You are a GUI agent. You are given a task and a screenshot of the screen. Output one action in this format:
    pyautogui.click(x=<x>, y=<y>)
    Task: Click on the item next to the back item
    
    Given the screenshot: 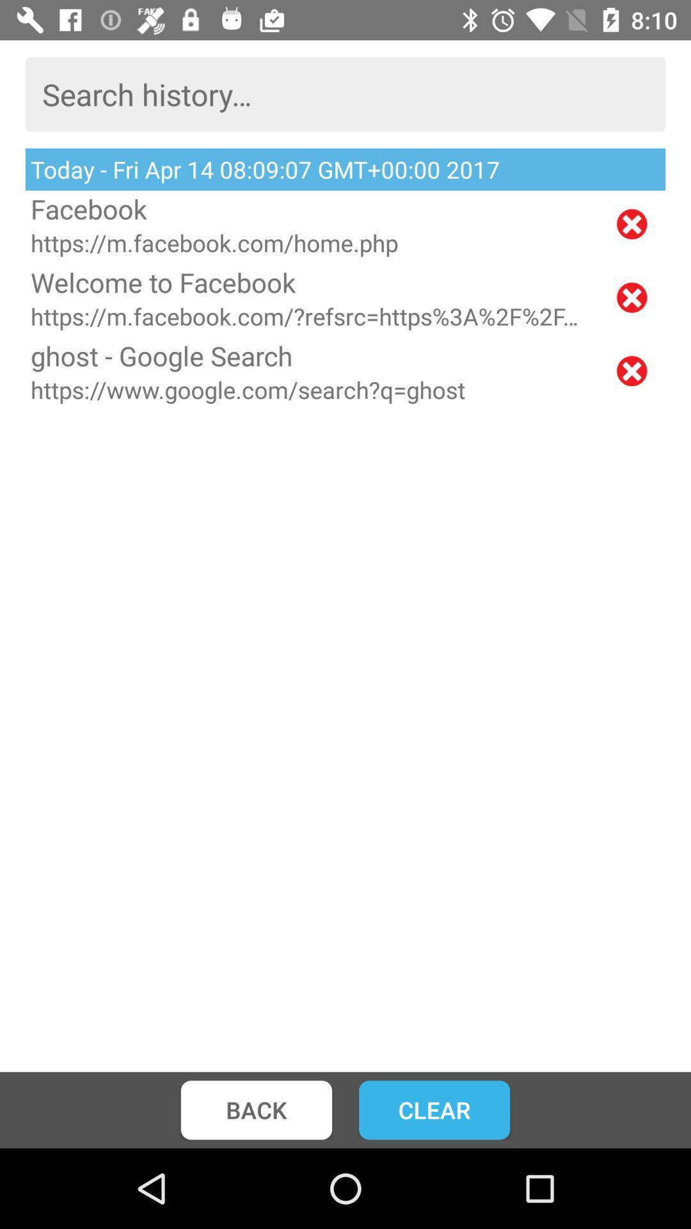 What is the action you would take?
    pyautogui.click(x=434, y=1109)
    